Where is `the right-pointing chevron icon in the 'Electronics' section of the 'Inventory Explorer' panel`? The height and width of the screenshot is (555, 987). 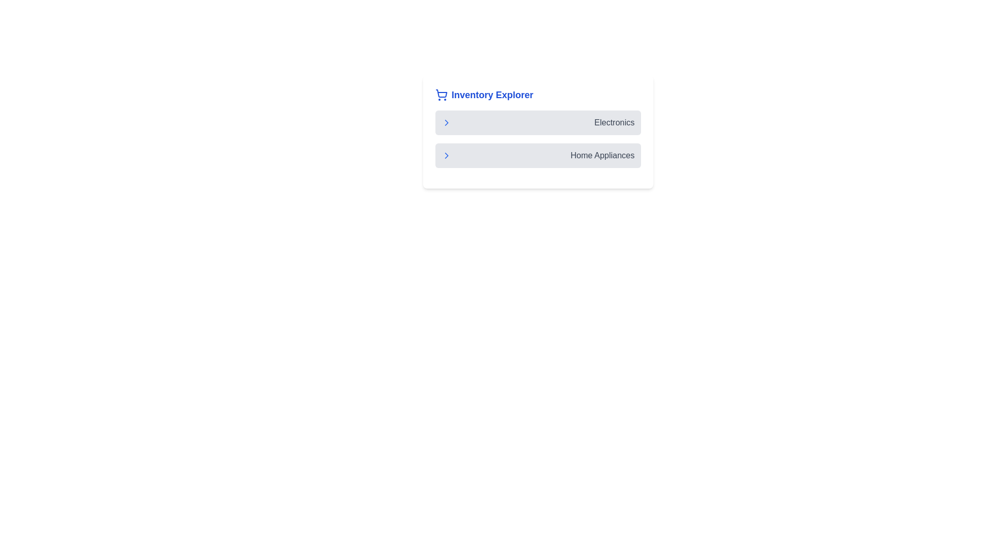
the right-pointing chevron icon in the 'Electronics' section of the 'Inventory Explorer' panel is located at coordinates (446, 122).